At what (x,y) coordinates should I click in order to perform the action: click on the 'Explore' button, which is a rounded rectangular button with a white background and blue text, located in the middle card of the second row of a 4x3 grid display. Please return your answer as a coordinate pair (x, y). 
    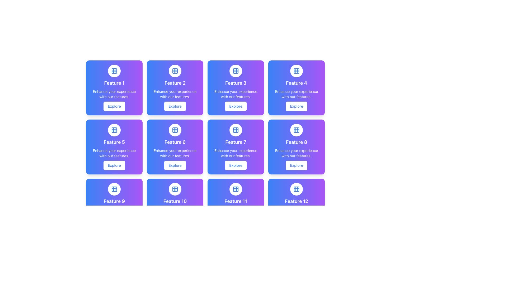
    Looking at the image, I should click on (175, 165).